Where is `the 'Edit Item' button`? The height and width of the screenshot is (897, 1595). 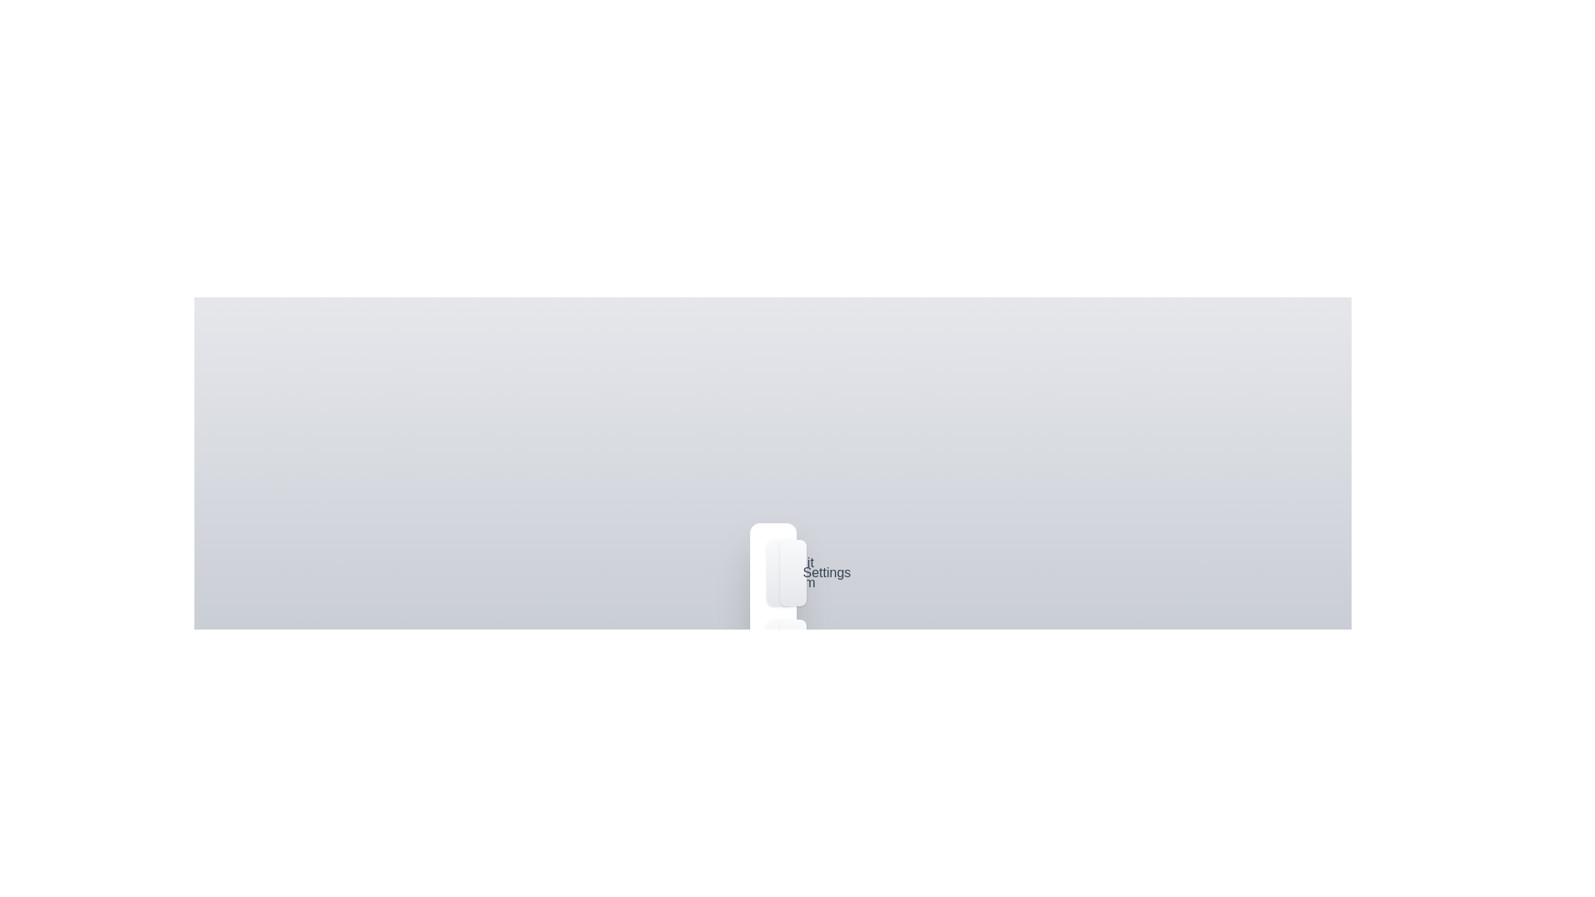
the 'Edit Item' button is located at coordinates (778, 572).